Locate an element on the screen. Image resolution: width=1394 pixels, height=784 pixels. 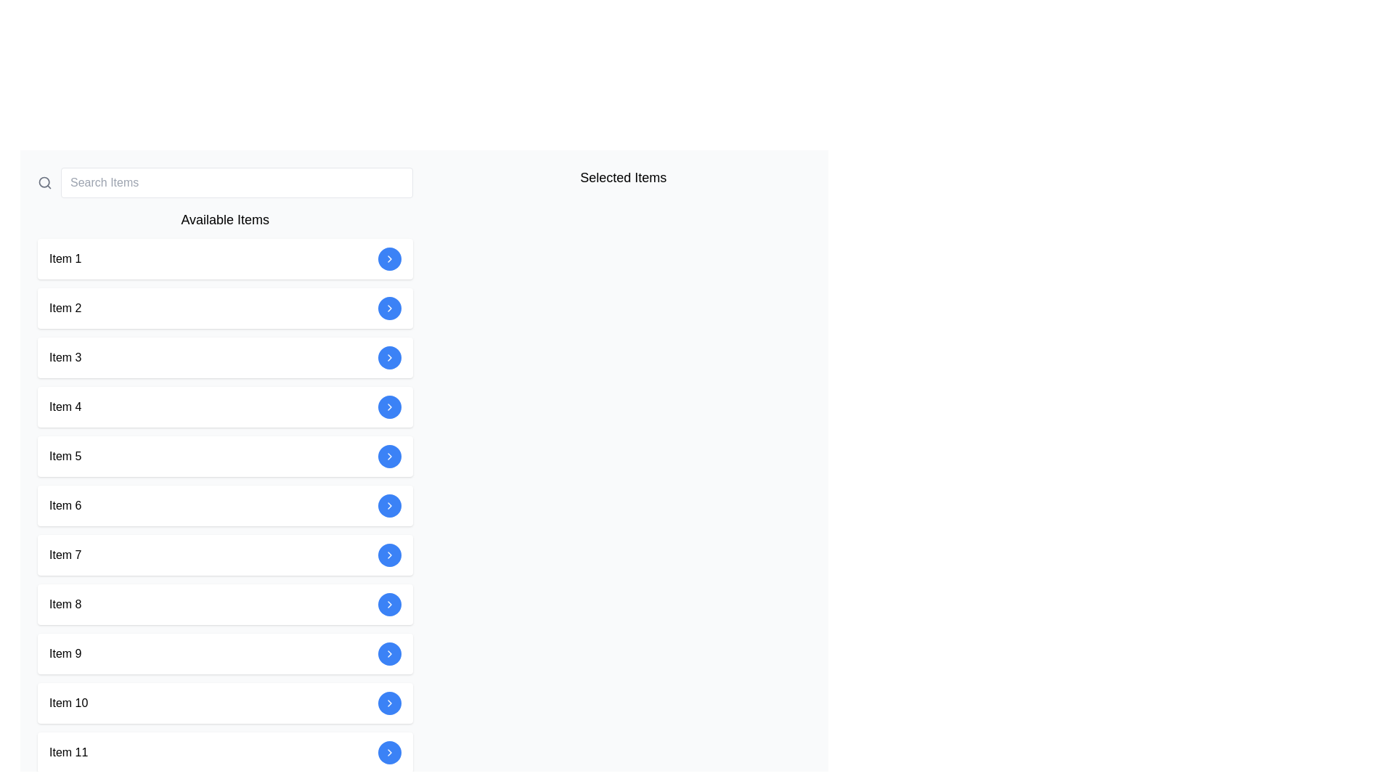
the Text label located at the bottom of the 'Available Items' list in the left column, specifically in the eleventh row is located at coordinates (68, 752).